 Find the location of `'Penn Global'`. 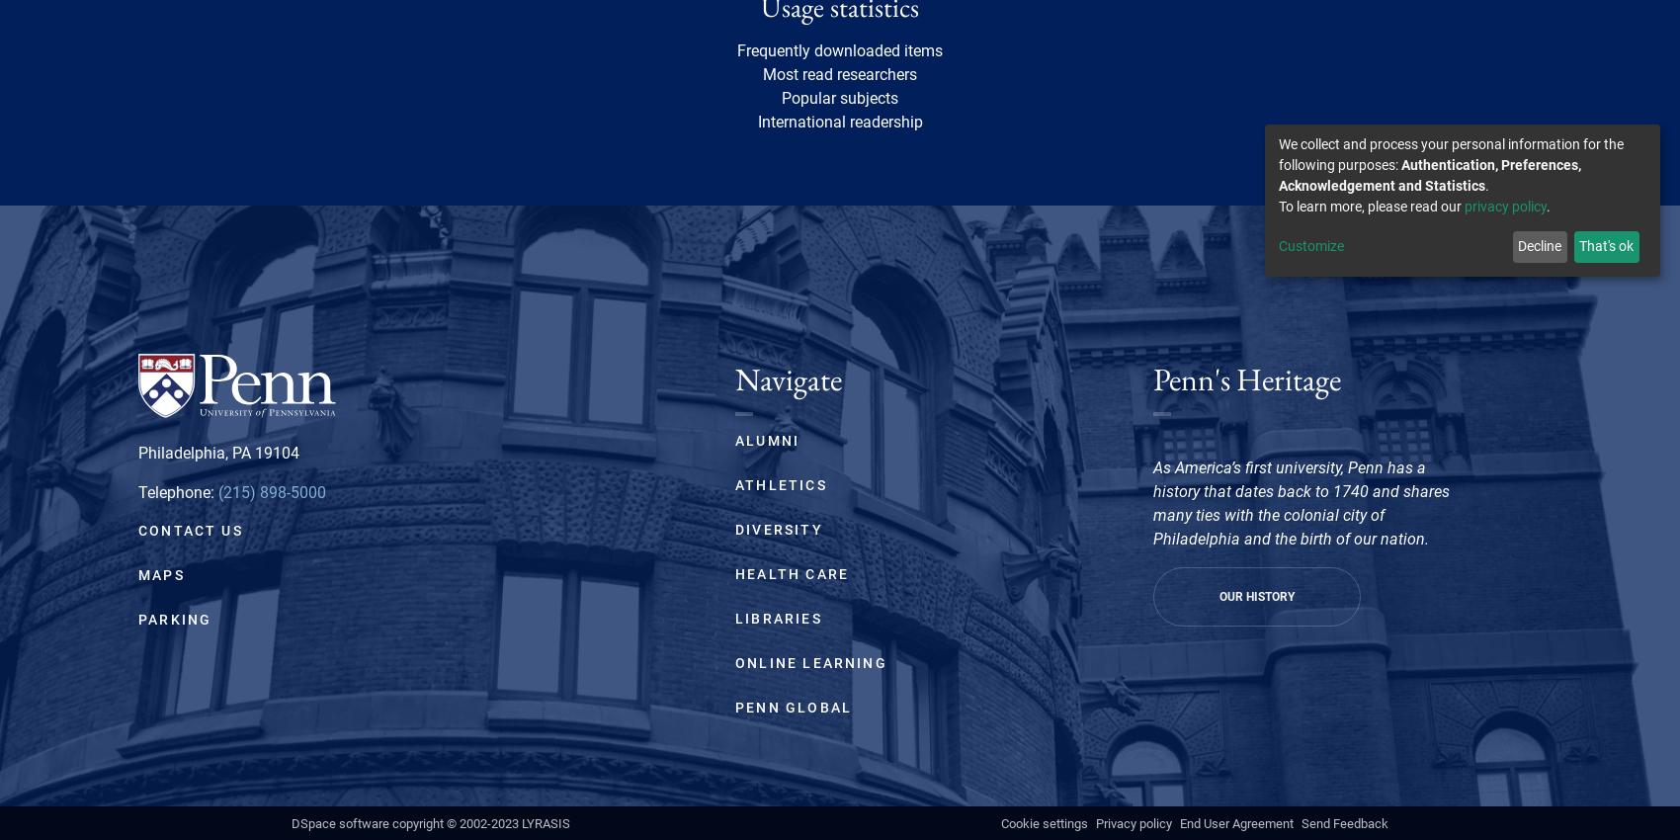

'Penn Global' is located at coordinates (734, 706).